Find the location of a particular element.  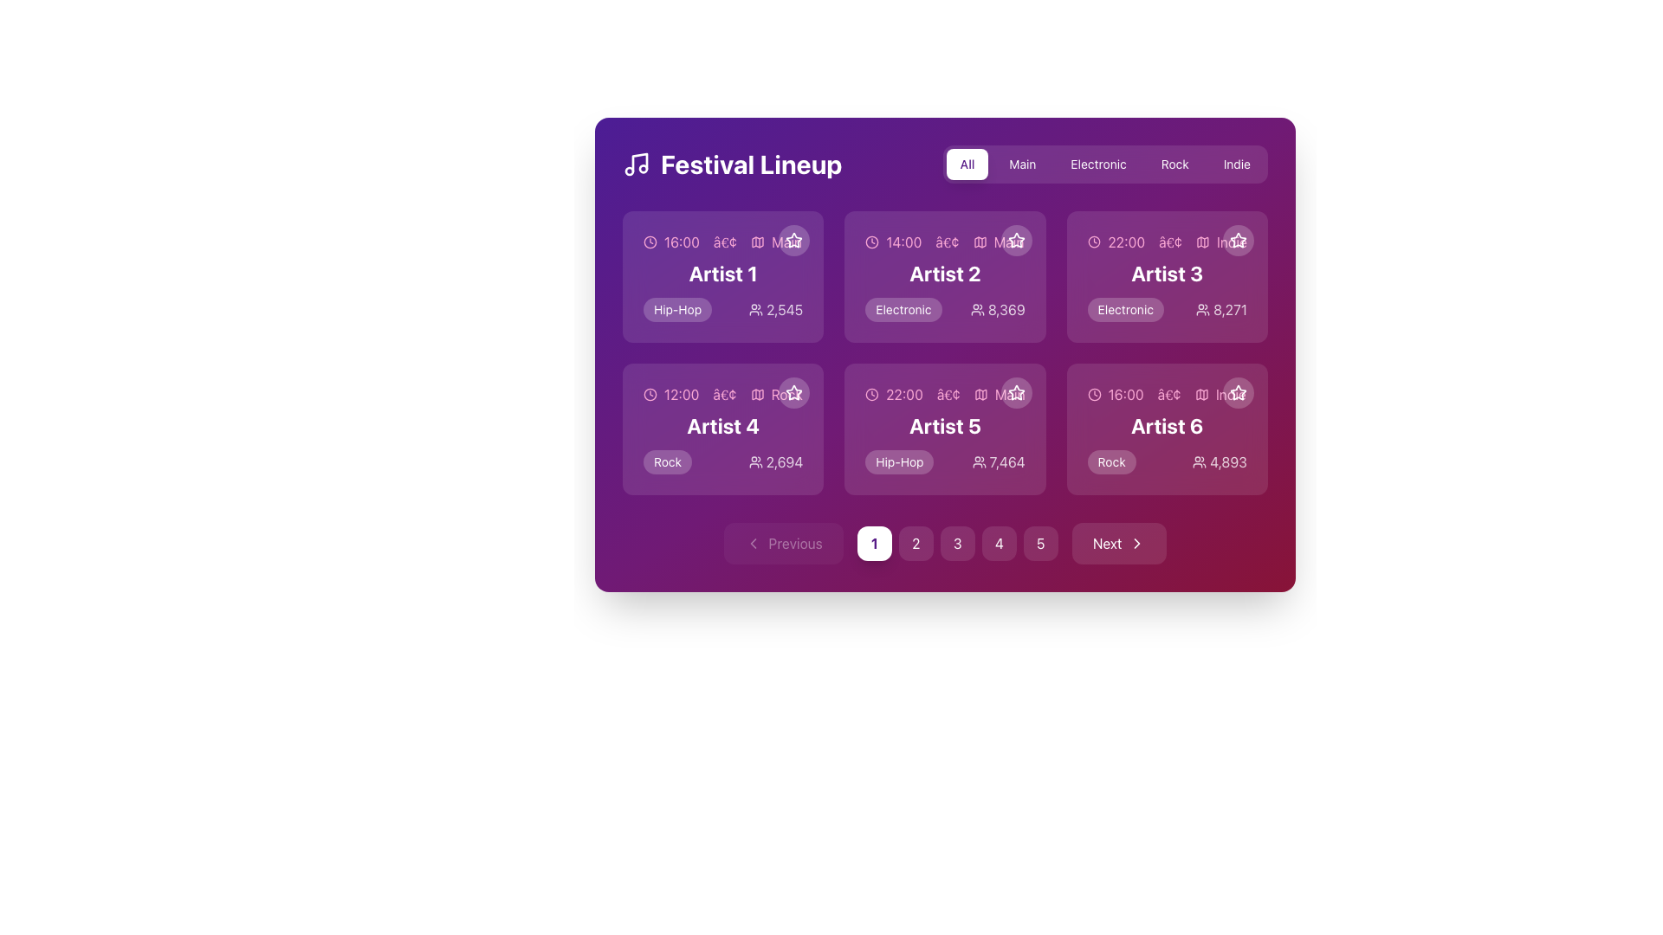

the icon button located in the top-right corner of the 'Artist 1' card in the 'Festival Lineup' interface is located at coordinates (793, 240).